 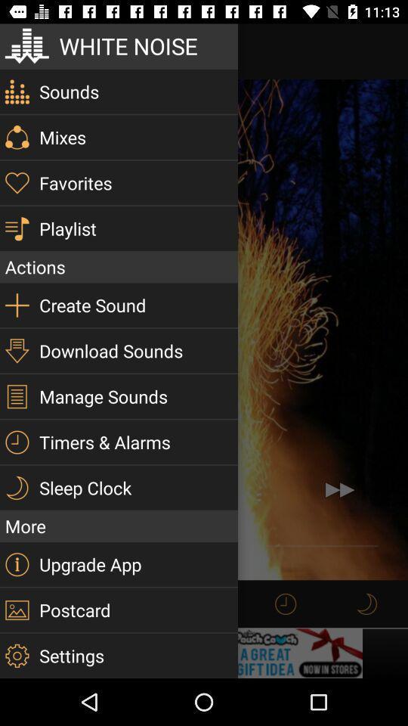 What do you see at coordinates (16, 228) in the screenshot?
I see `symbol left to playlist` at bounding box center [16, 228].